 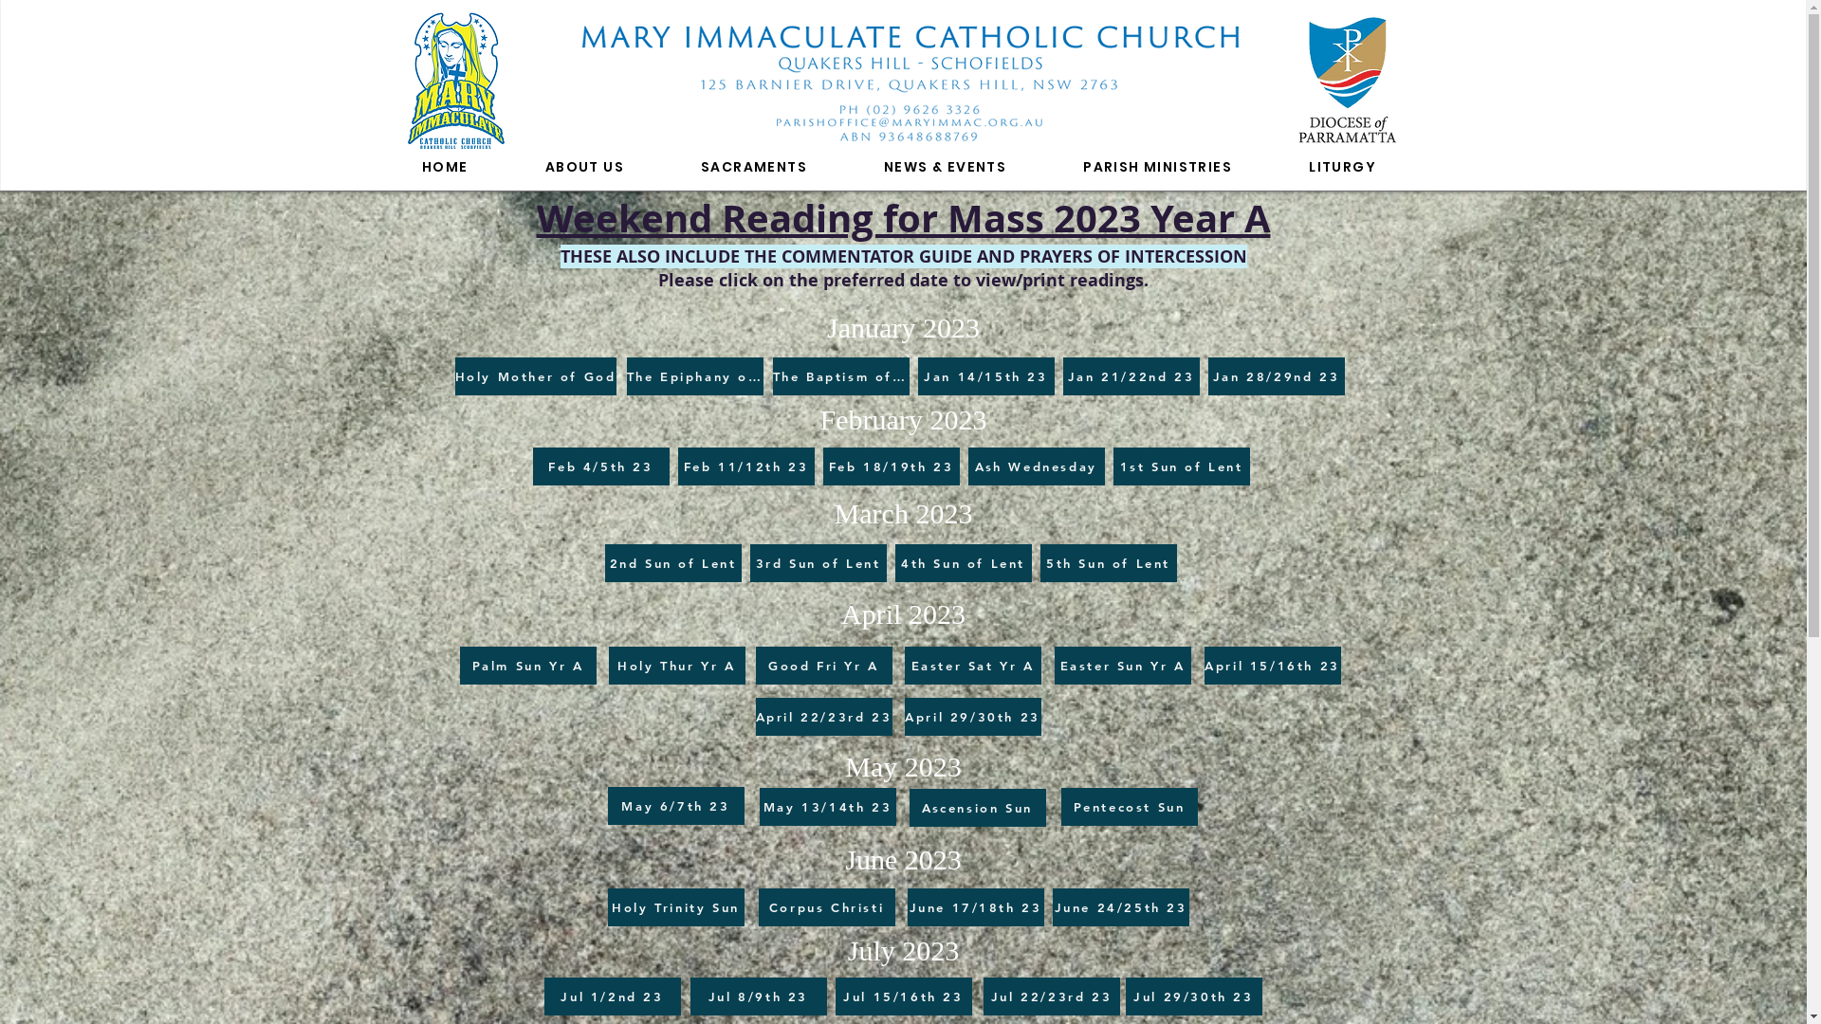 I want to click on 'HOME', so click(x=445, y=167).